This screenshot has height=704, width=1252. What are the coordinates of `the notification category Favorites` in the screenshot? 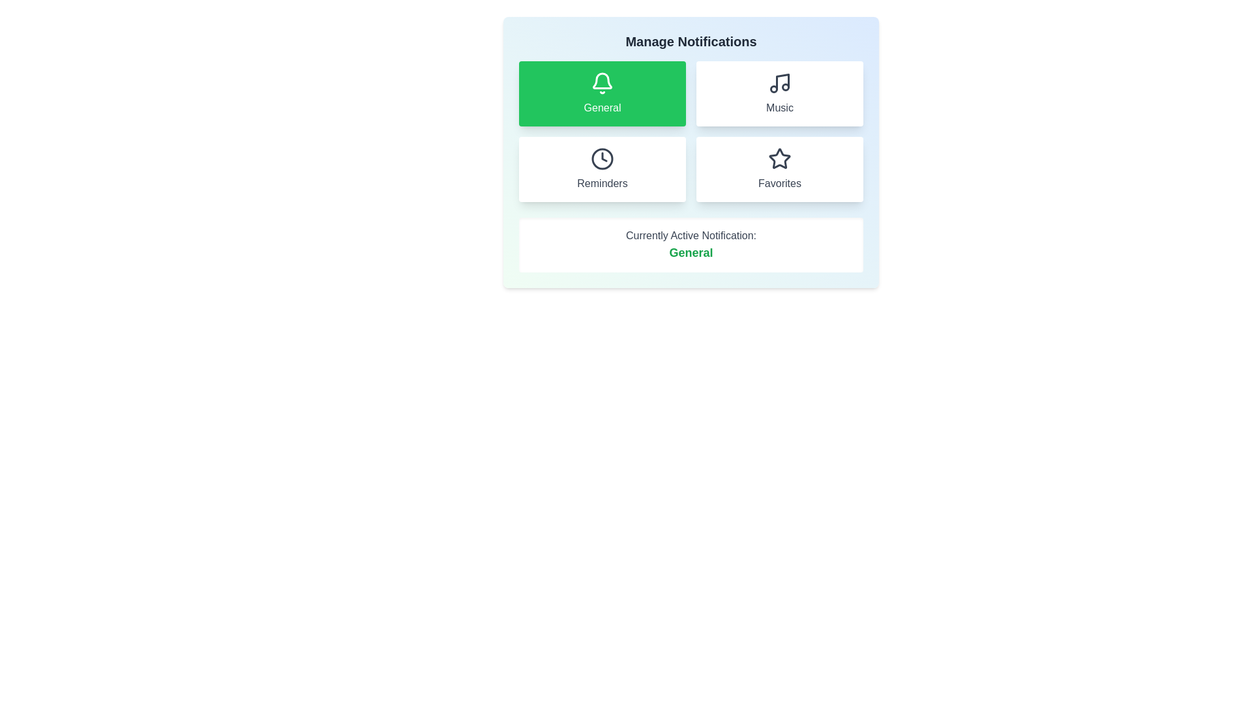 It's located at (779, 168).